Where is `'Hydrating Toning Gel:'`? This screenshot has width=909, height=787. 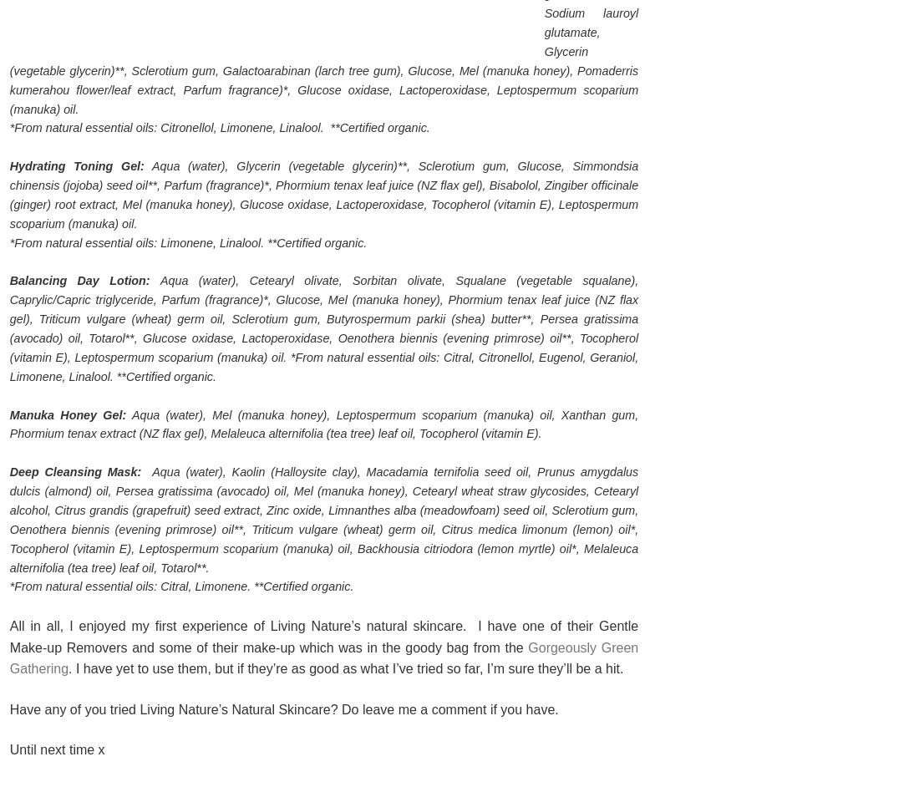
'Hydrating Toning Gel:' is located at coordinates (76, 166).